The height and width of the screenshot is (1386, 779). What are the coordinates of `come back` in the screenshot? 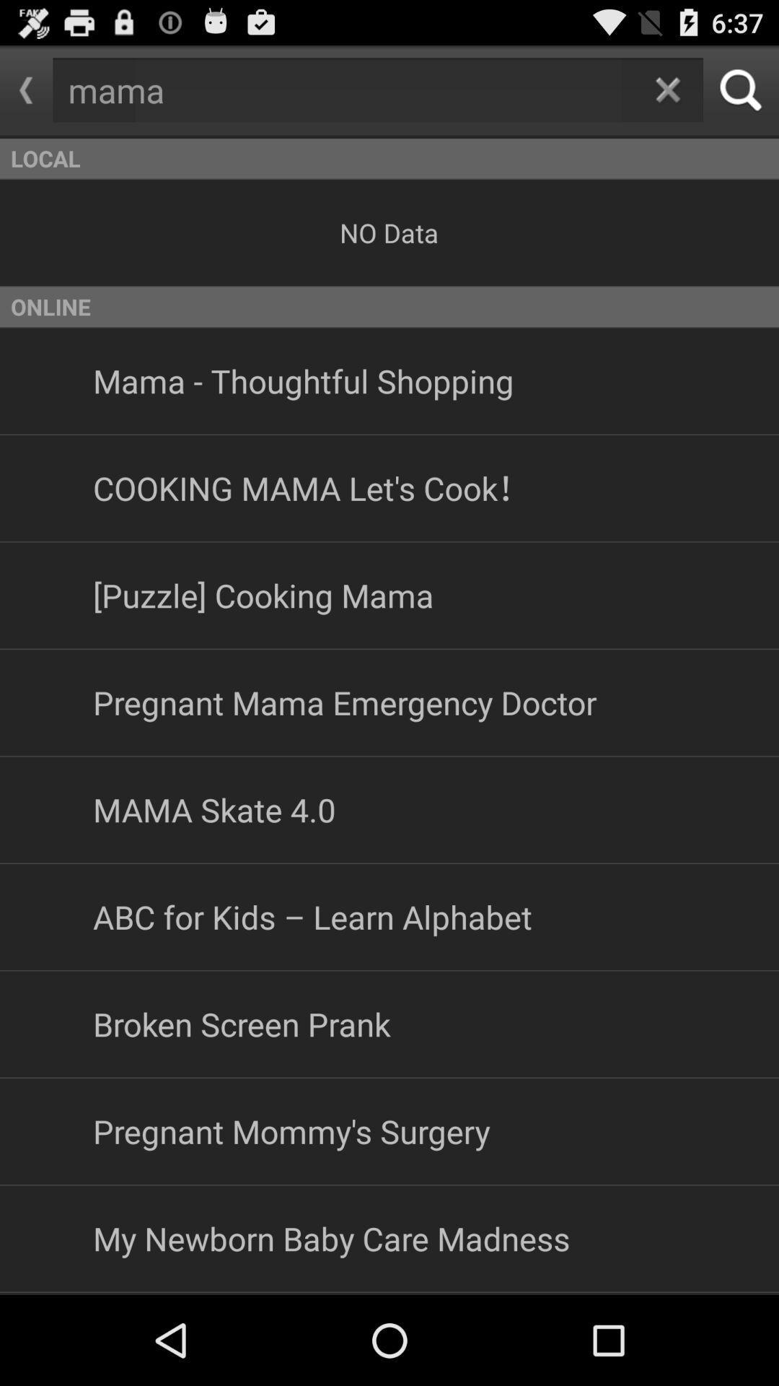 It's located at (667, 89).